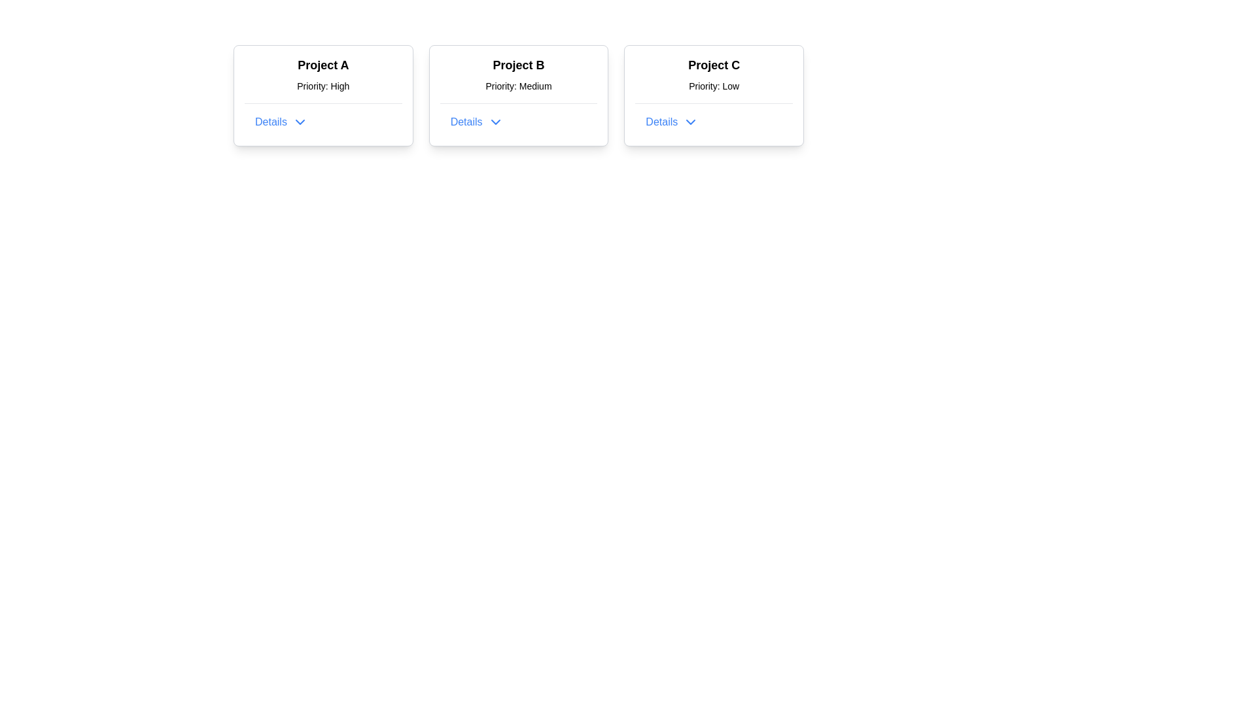  What do you see at coordinates (323, 86) in the screenshot?
I see `the text label that displays 'Priority: High', which is positioned below the 'Project A' heading in the centered card layout` at bounding box center [323, 86].